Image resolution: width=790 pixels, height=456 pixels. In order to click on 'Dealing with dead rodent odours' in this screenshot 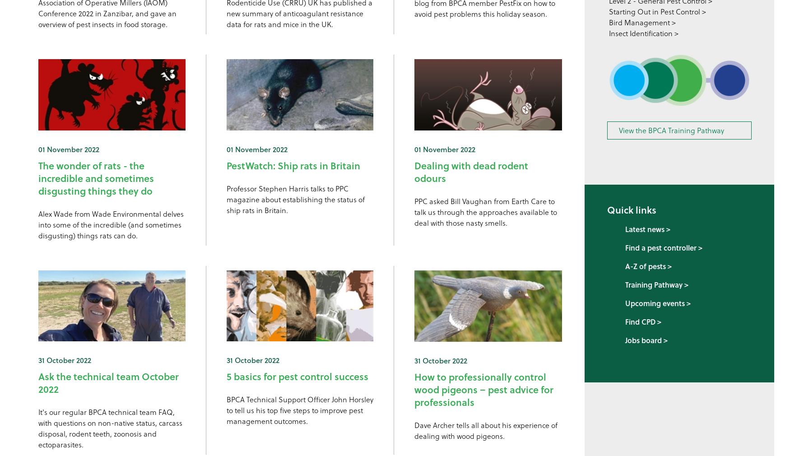, I will do `click(471, 172)`.